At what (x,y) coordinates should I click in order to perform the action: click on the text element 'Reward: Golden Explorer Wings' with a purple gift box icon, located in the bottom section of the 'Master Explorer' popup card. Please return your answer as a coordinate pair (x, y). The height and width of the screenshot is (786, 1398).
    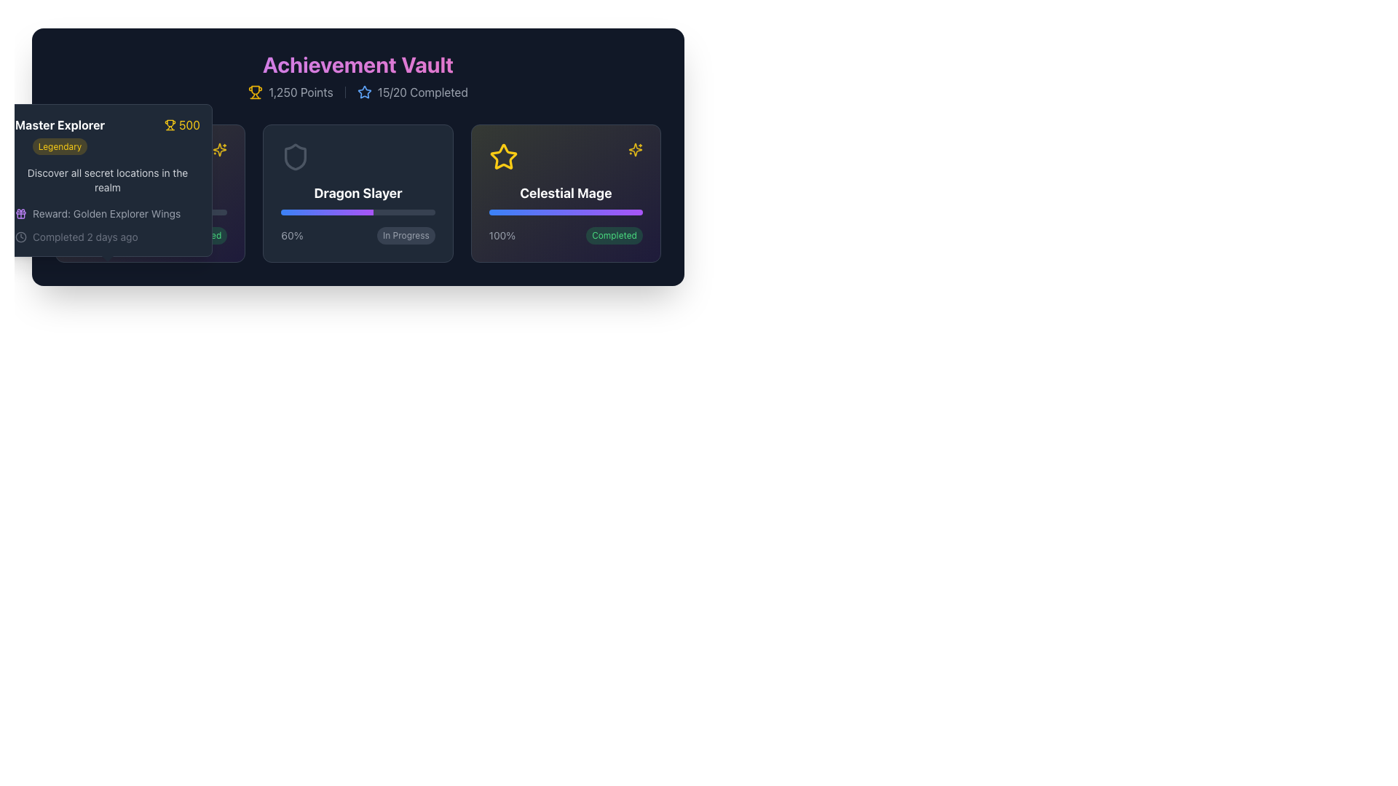
    Looking at the image, I should click on (107, 213).